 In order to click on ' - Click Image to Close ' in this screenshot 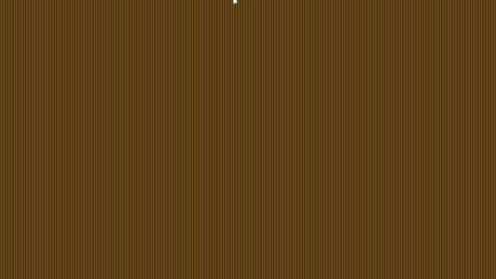, I will do `click(248, 2)`.